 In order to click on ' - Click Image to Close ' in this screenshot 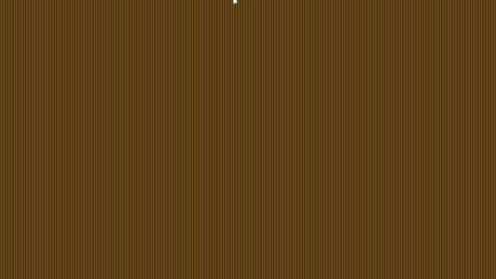, I will do `click(248, 2)`.